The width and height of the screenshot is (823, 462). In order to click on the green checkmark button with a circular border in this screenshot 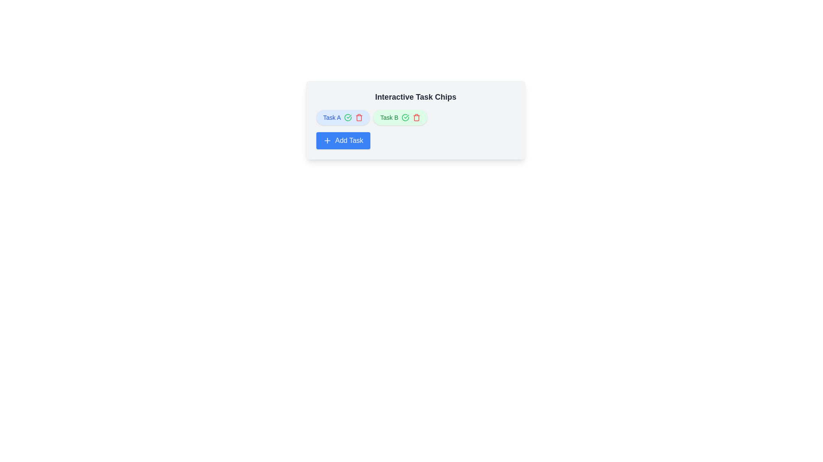, I will do `click(348, 117)`.